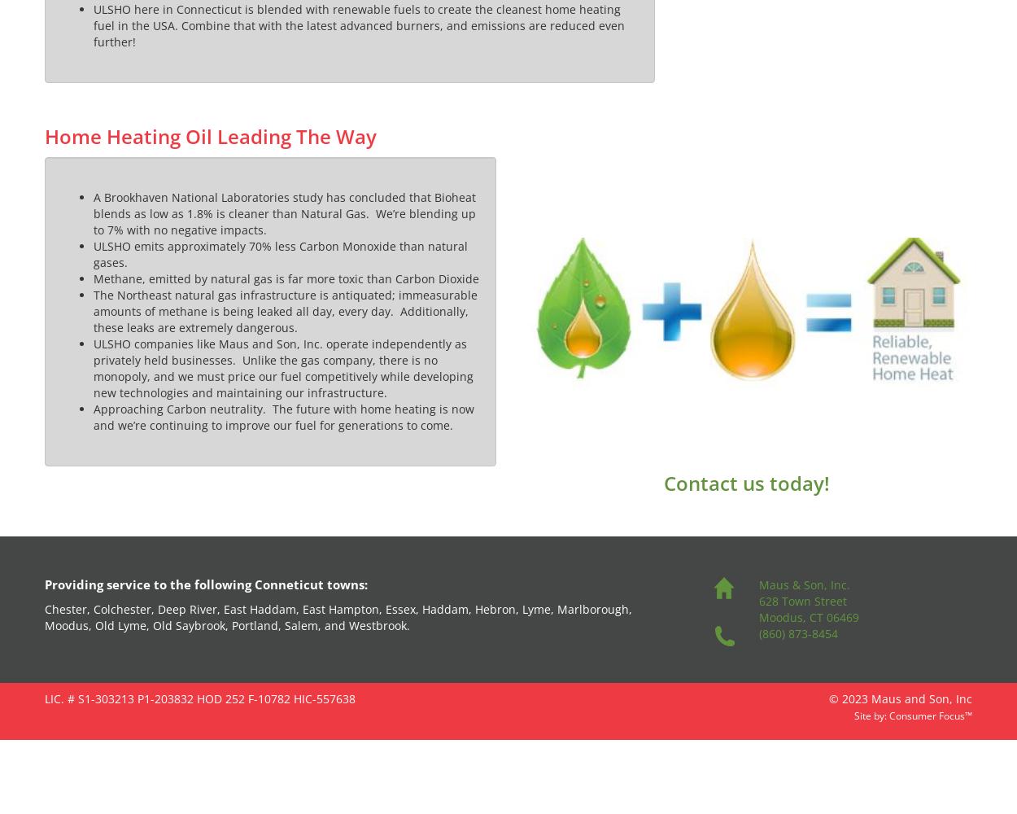 The image size is (1017, 814). I want to click on 'Moodus, CT 06469', so click(807, 617).